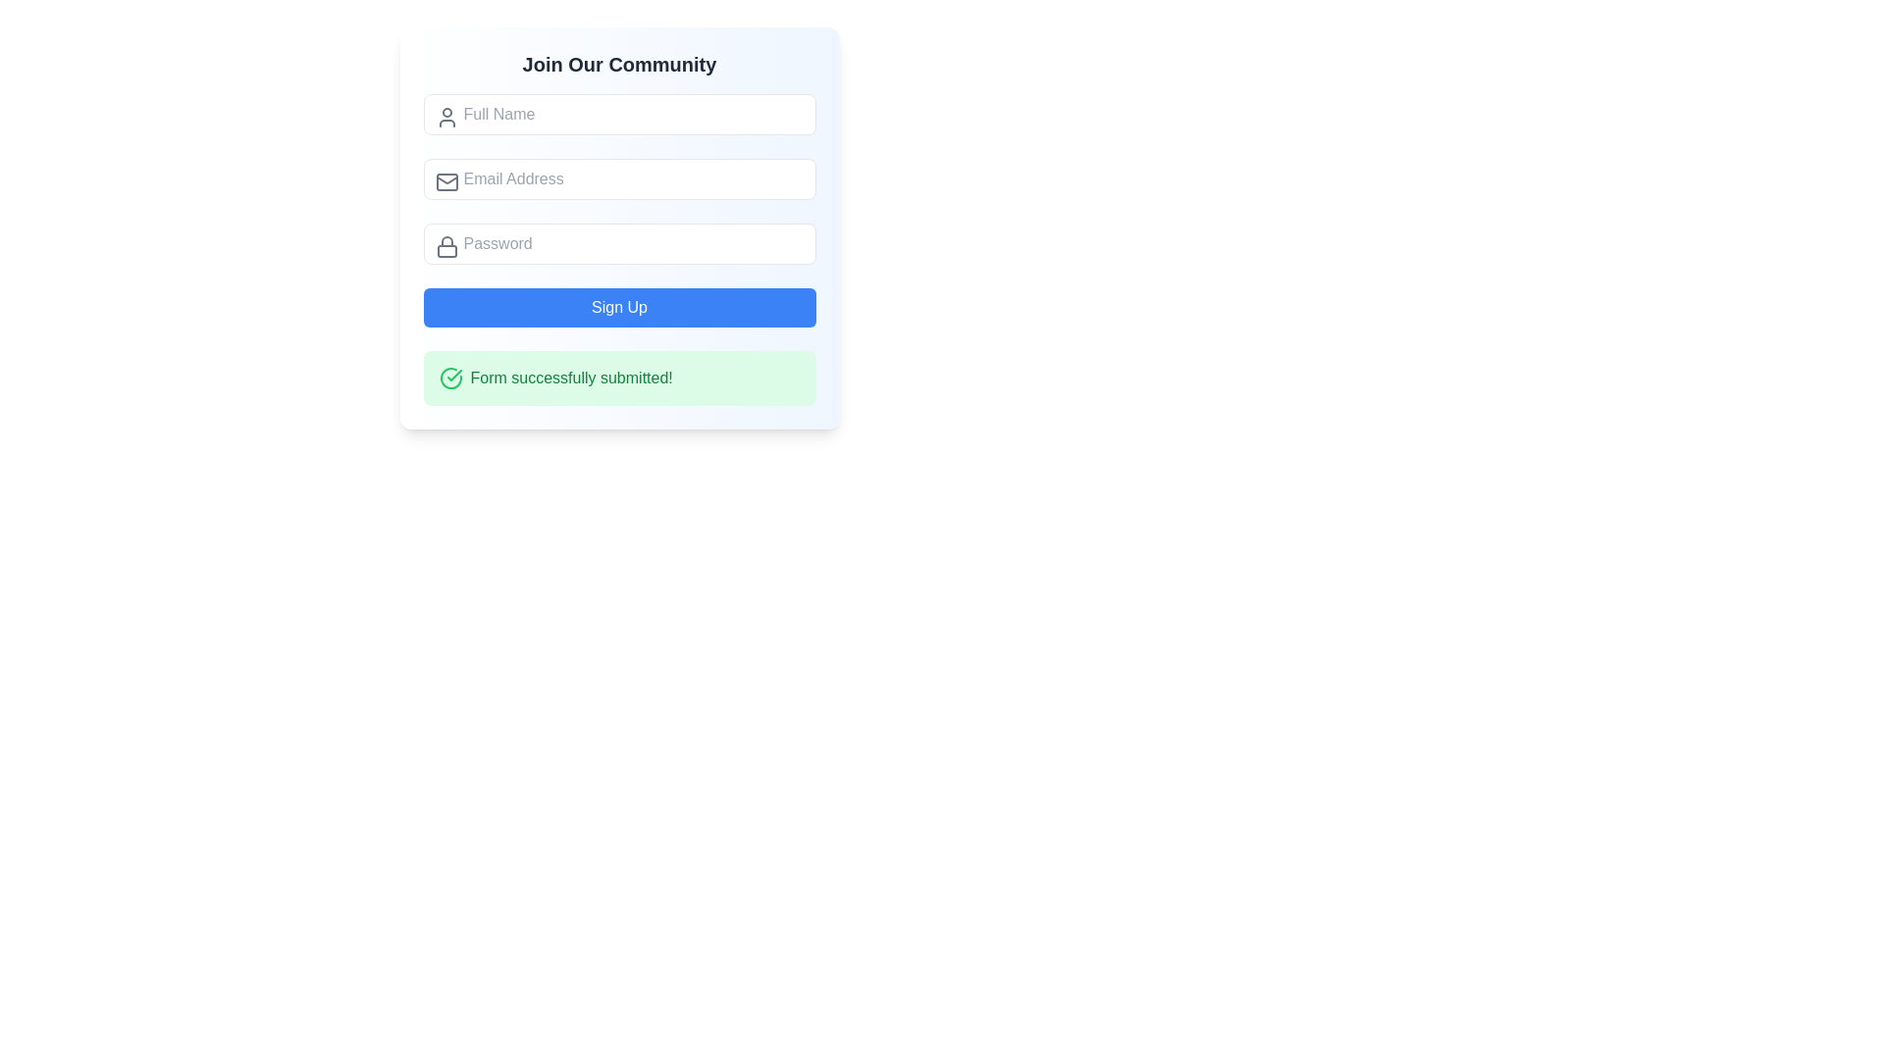 The height and width of the screenshot is (1059, 1884). What do you see at coordinates (570, 378) in the screenshot?
I see `the notification text that displays 'Form successfully submitted!' styled in green, indicating a confirmation message` at bounding box center [570, 378].